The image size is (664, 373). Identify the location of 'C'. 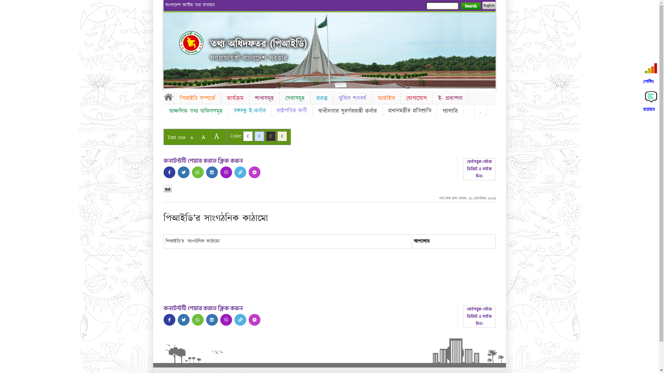
(282, 136).